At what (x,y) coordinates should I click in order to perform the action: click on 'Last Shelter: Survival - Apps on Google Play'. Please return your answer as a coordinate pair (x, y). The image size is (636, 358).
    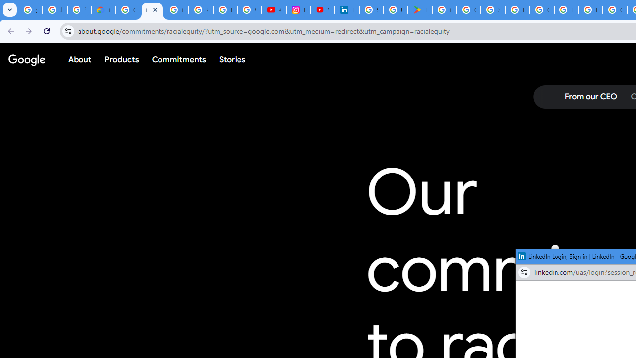
    Looking at the image, I should click on (420, 10).